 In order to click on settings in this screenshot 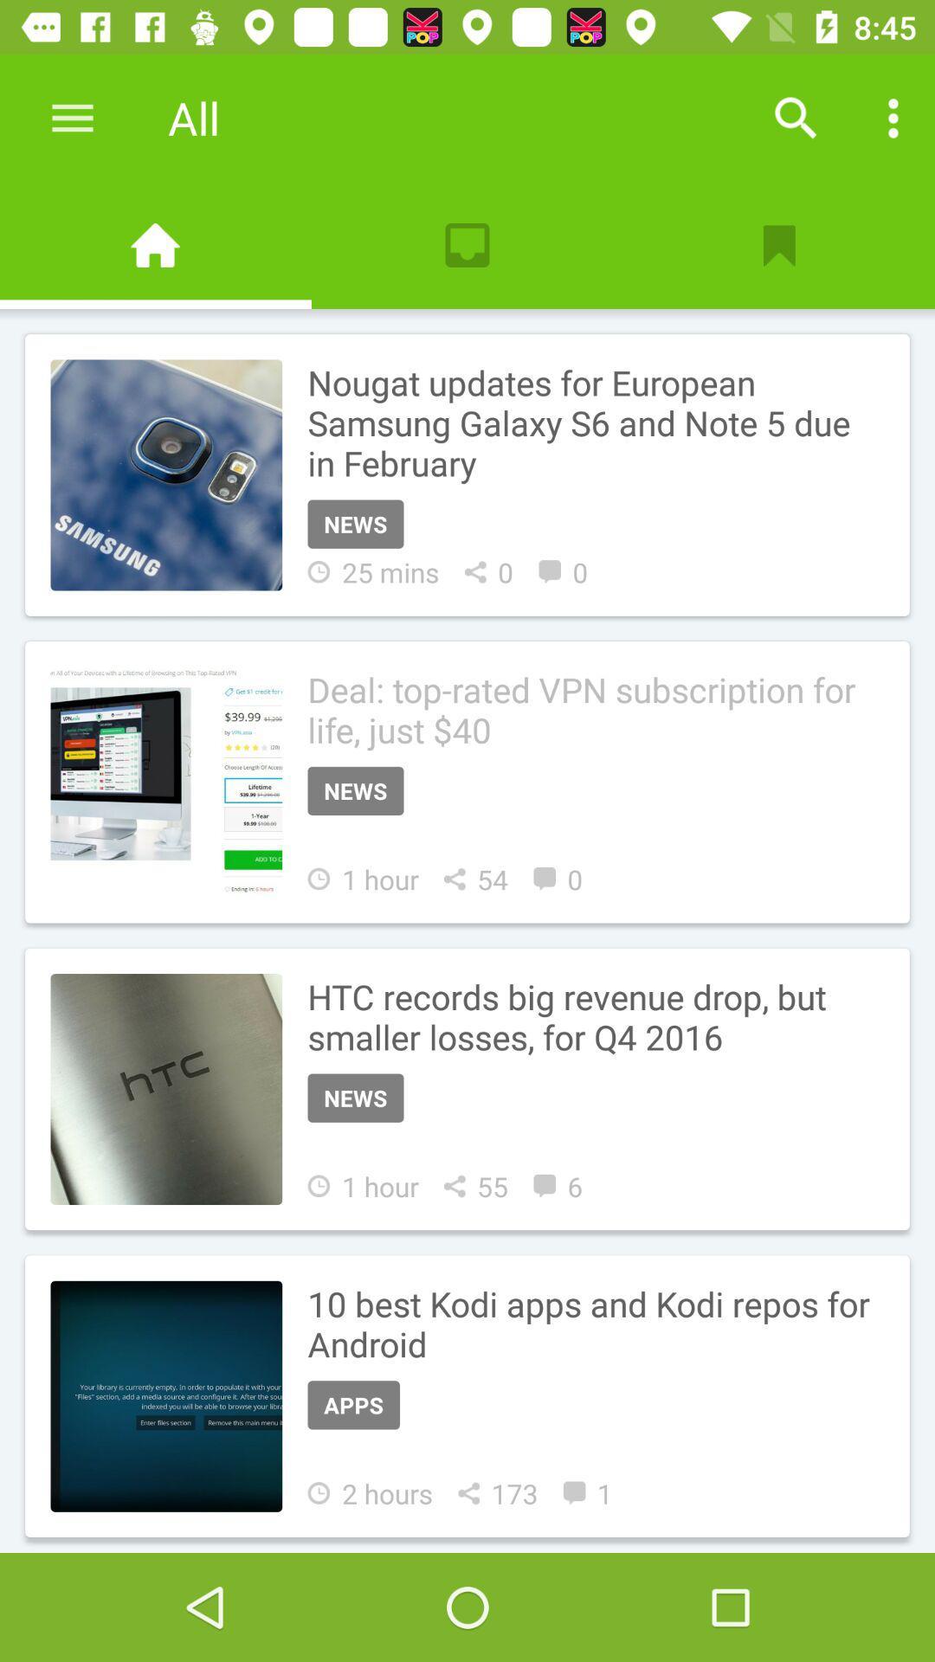, I will do `click(72, 117)`.